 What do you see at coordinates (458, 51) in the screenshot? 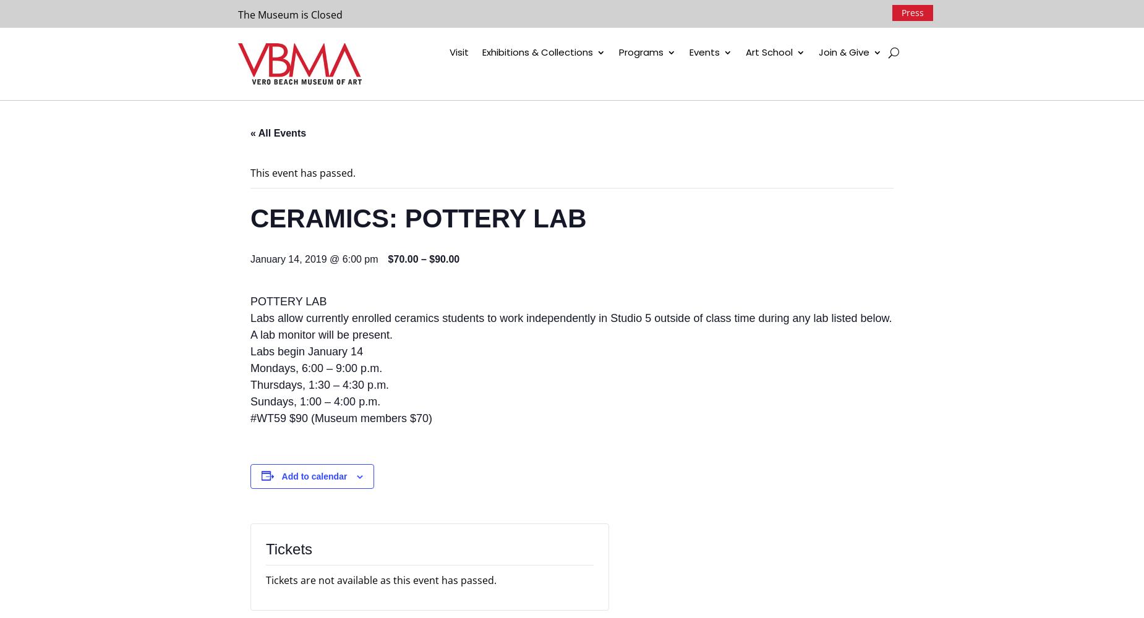
I see `'Visit'` at bounding box center [458, 51].